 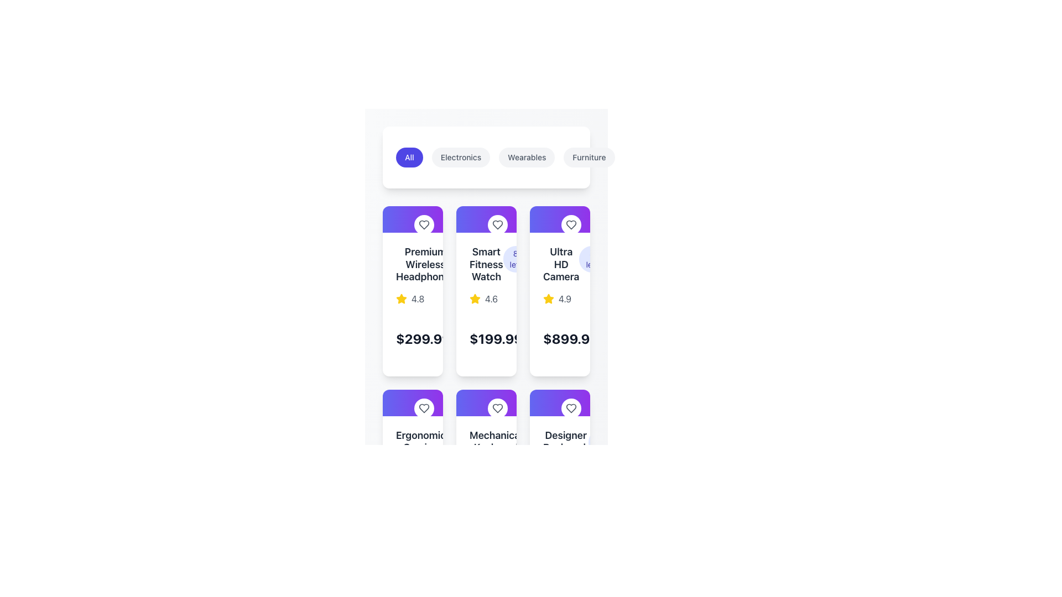 I want to click on the heart icon within the rounded button at the top of the item card to favorite the item, so click(x=424, y=407).